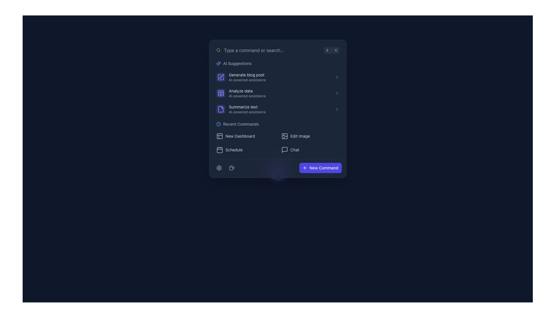 The width and height of the screenshot is (550, 309). I want to click on the 'Chat' label text, which is a small light gray text label styled with a sans-serif typeface, located in the lower right section of the main panel, so click(294, 150).